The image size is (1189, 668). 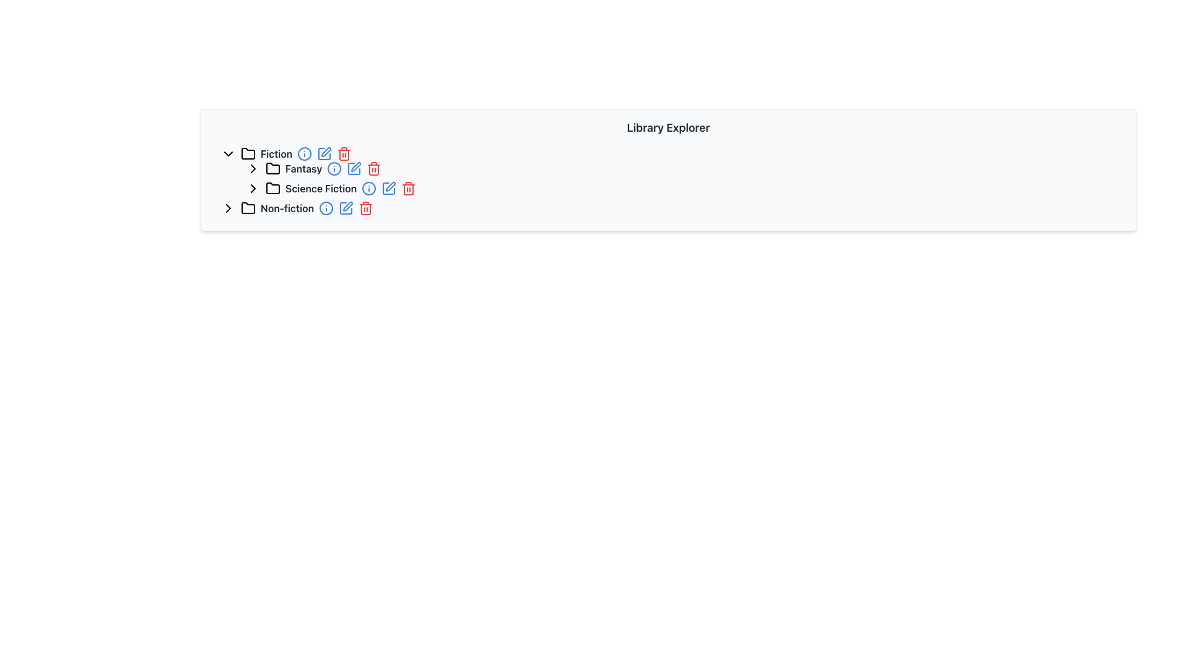 I want to click on the toggle arrow icon, so click(x=252, y=169).